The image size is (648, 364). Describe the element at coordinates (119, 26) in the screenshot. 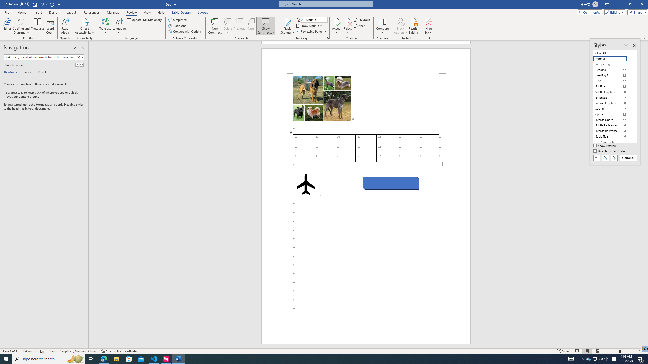

I see `'Language'` at that location.